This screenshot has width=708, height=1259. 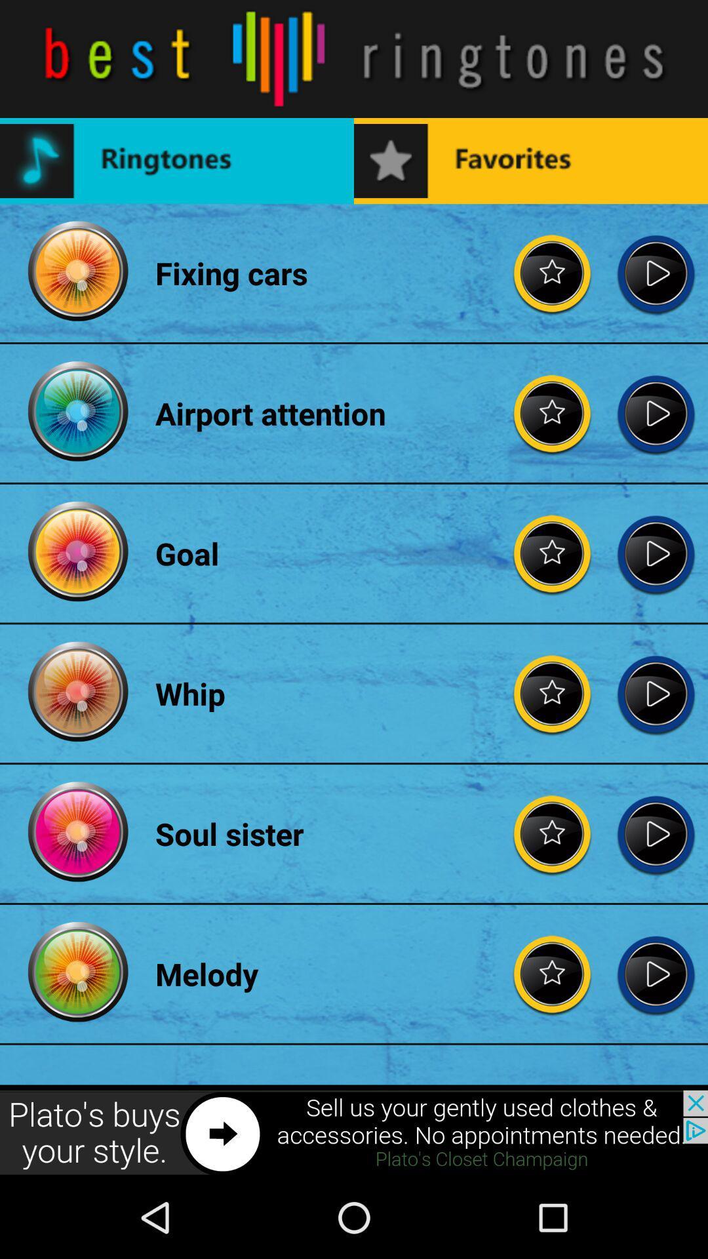 What do you see at coordinates (553, 833) in the screenshot?
I see `the item` at bounding box center [553, 833].